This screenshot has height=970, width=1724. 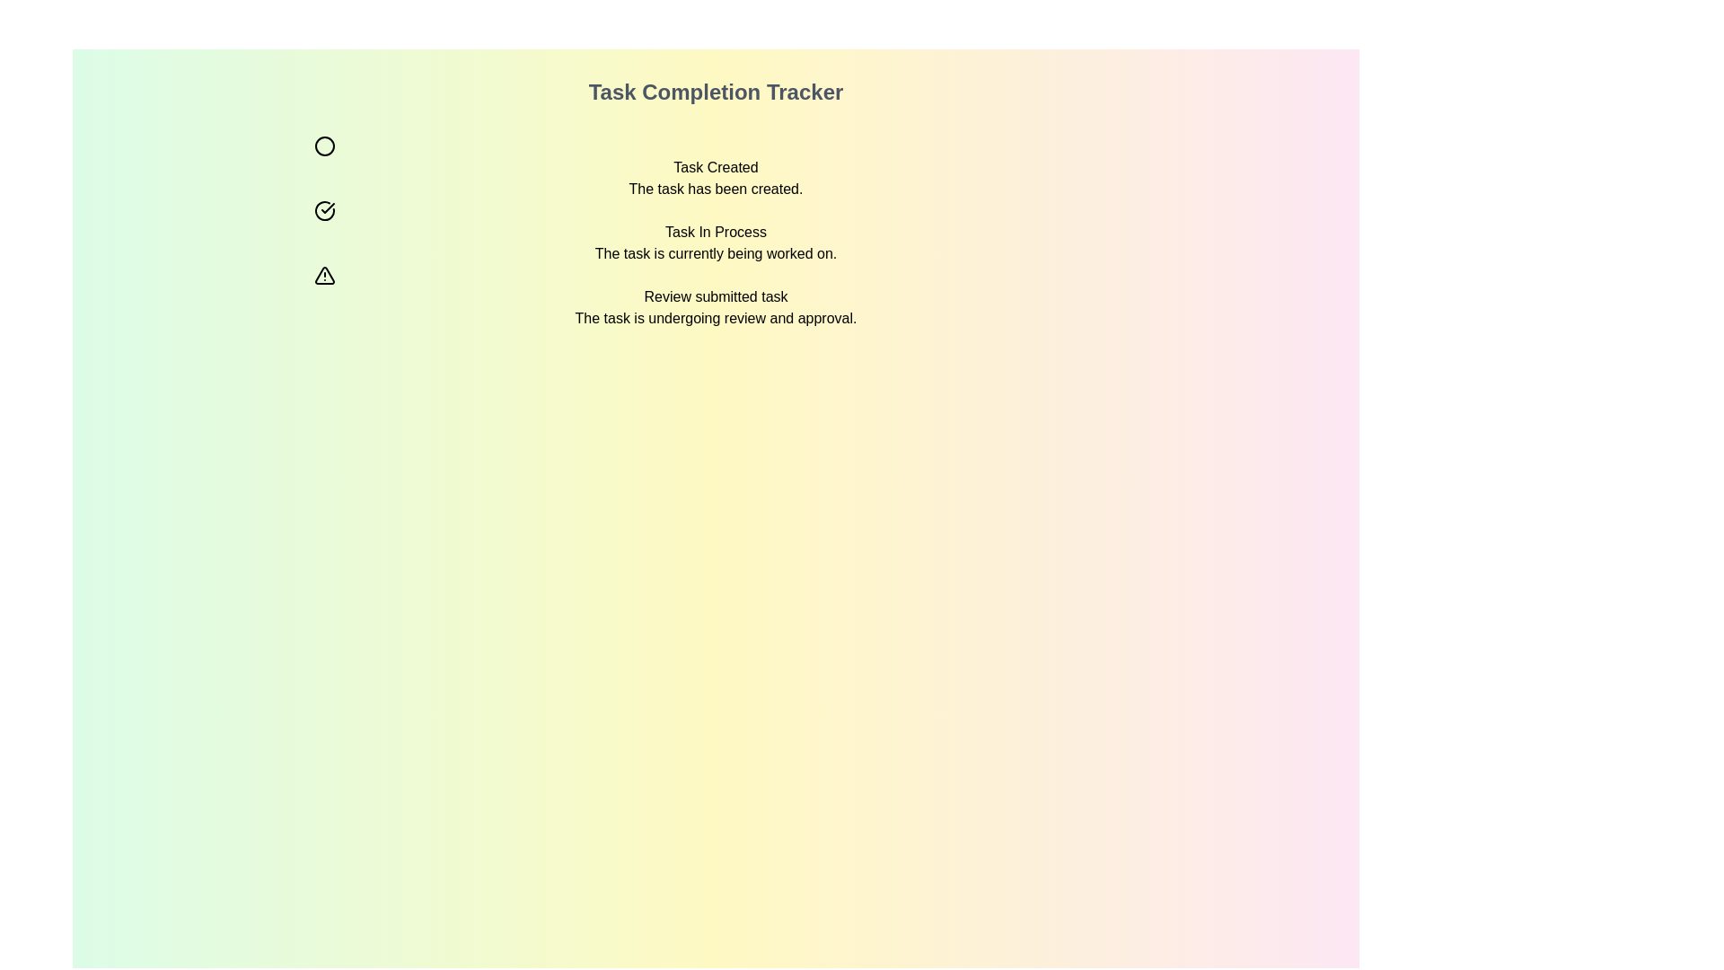 I want to click on the static text block displaying information about the task undergoing review and approval, located as the third item in the vertical list of task statuses, so click(x=715, y=307).